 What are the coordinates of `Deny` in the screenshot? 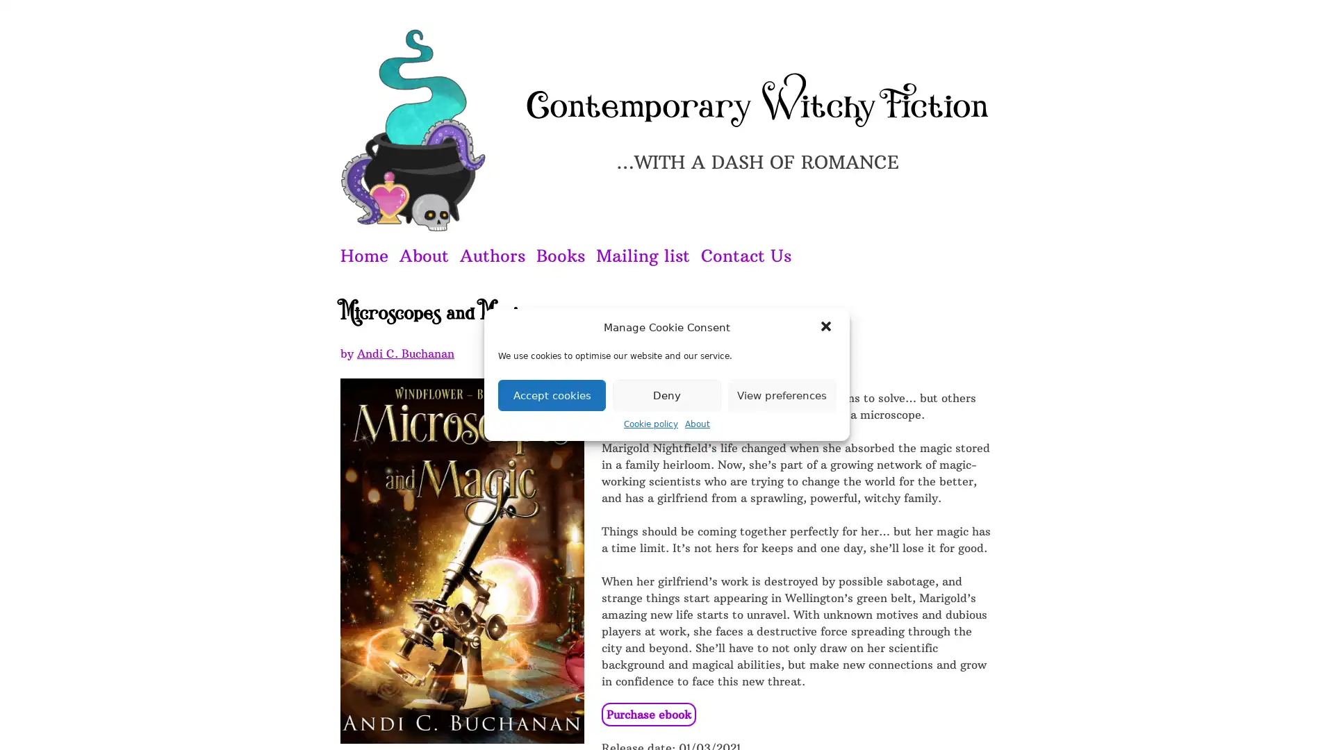 It's located at (666, 395).